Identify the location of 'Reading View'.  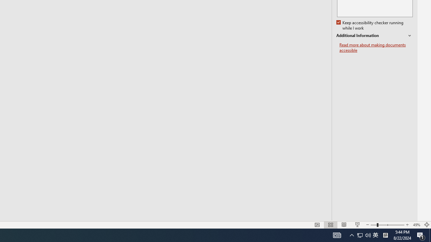
(344, 225).